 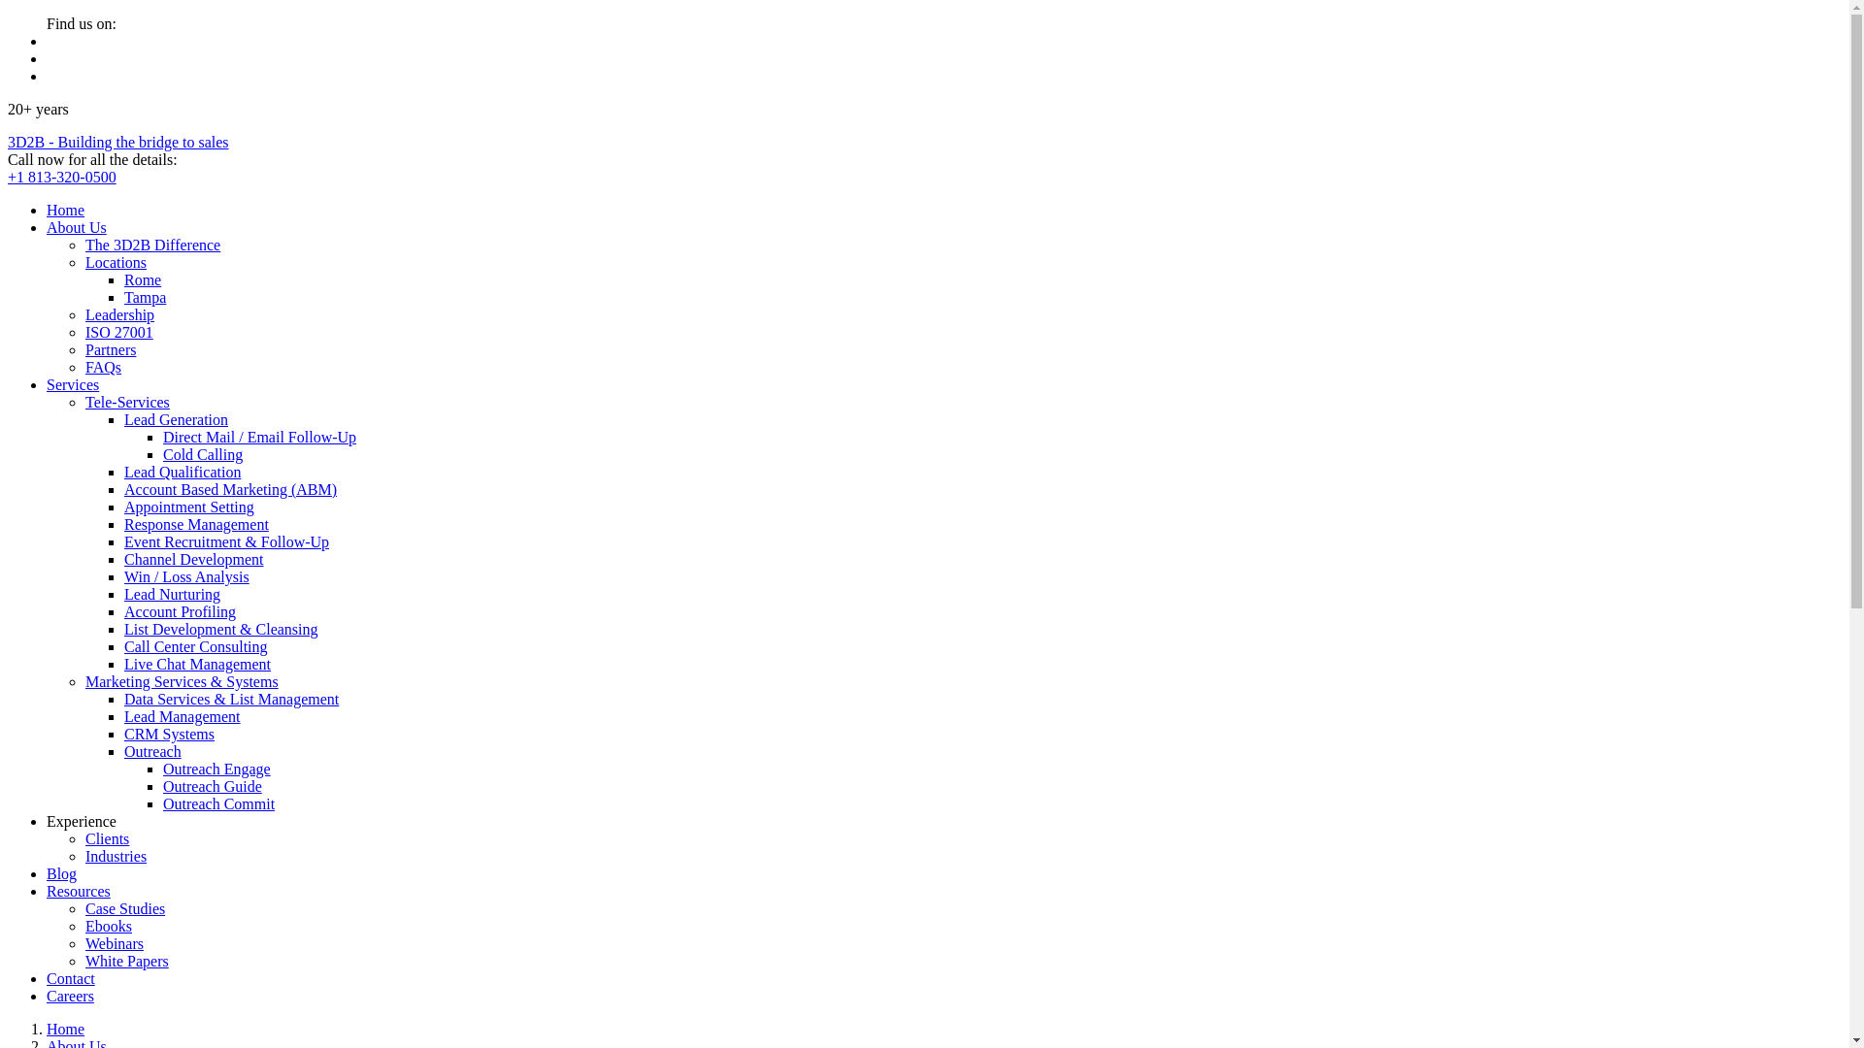 What do you see at coordinates (123, 629) in the screenshot?
I see `'List Development & Cleansing'` at bounding box center [123, 629].